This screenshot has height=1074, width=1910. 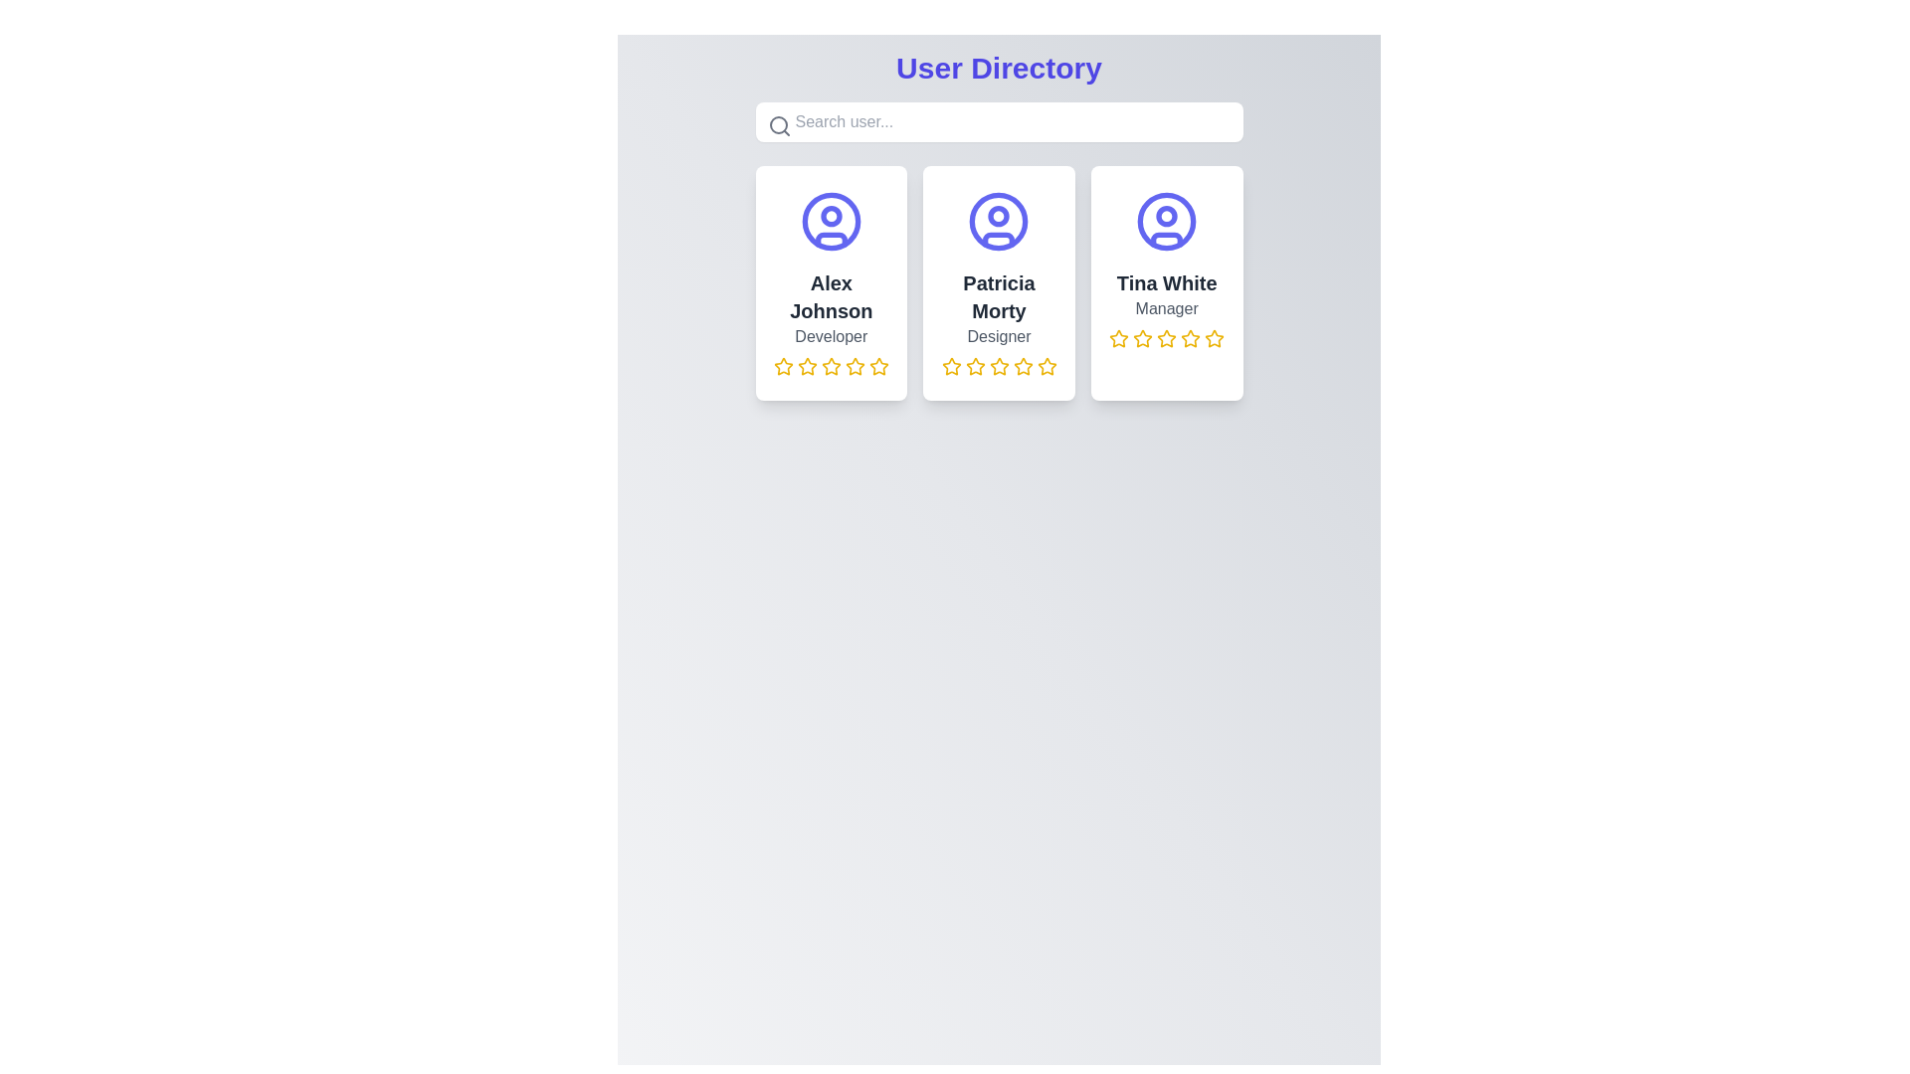 I want to click on the first star icon in the rating system below 'Alex Johnson' and 'Developer', so click(x=782, y=366).